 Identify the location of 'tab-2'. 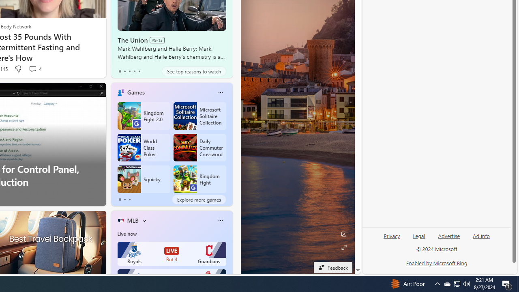
(130, 200).